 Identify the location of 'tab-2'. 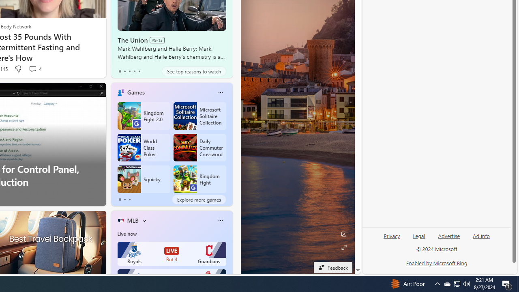
(130, 200).